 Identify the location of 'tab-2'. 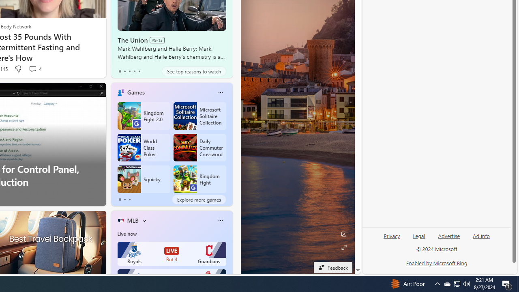
(130, 200).